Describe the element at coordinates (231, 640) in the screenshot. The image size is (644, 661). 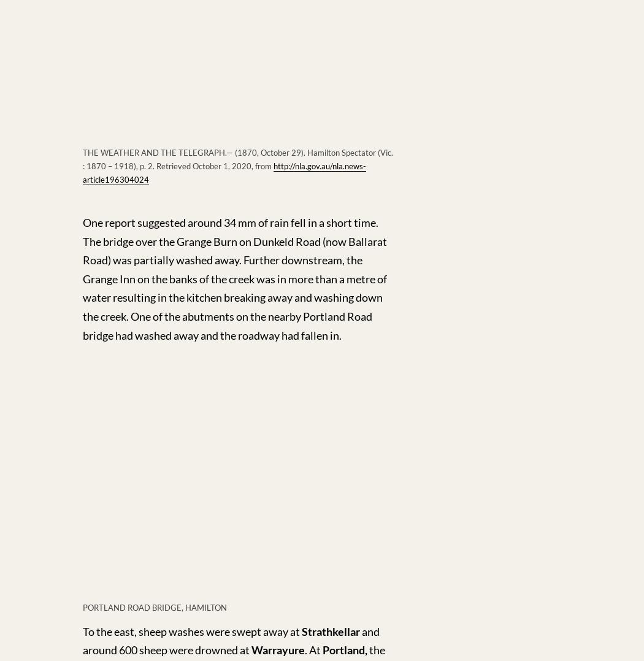
I see `'and around 600 sheep were drowned at'` at that location.